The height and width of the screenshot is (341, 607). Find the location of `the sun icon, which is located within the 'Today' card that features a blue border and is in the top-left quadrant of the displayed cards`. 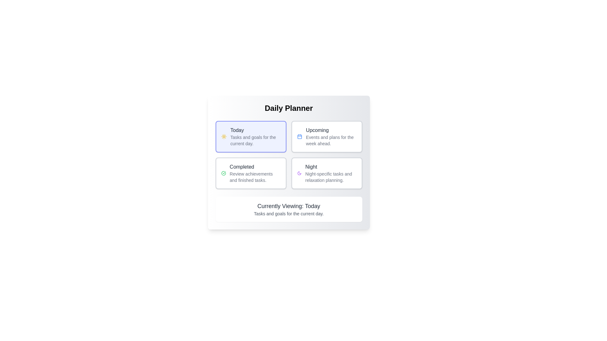

the sun icon, which is located within the 'Today' card that features a blue border and is in the top-left quadrant of the displayed cards is located at coordinates (224, 136).